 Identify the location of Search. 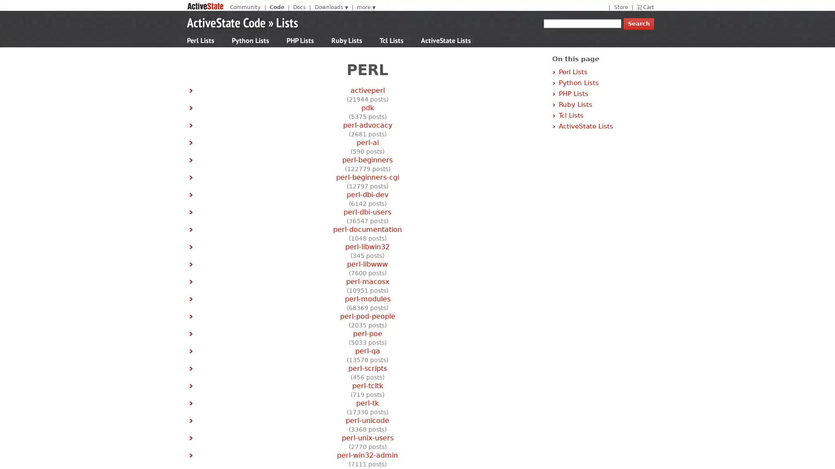
(638, 23).